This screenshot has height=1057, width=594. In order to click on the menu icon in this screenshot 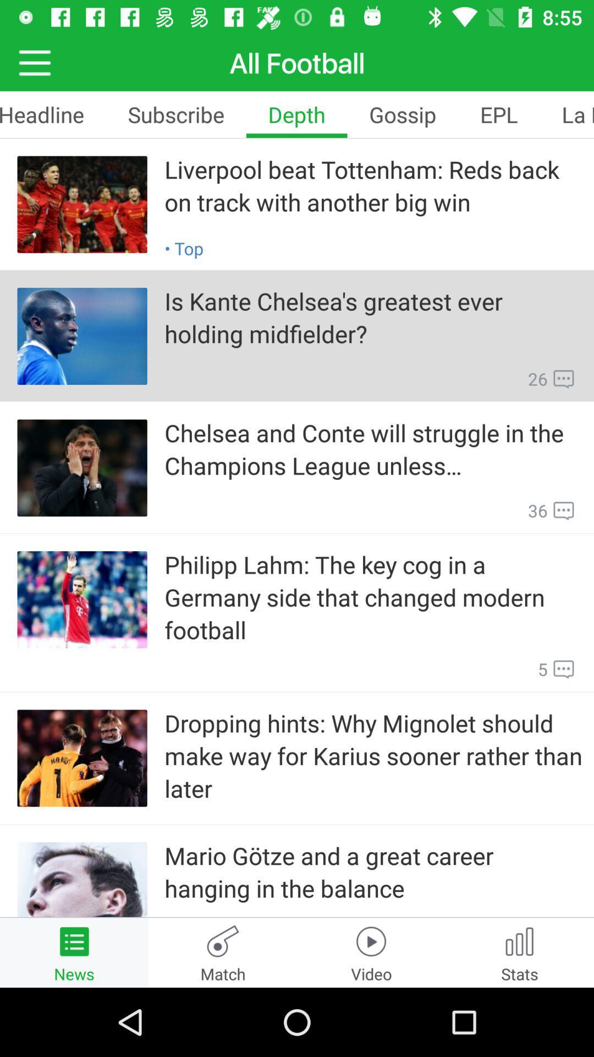, I will do `click(38, 62)`.